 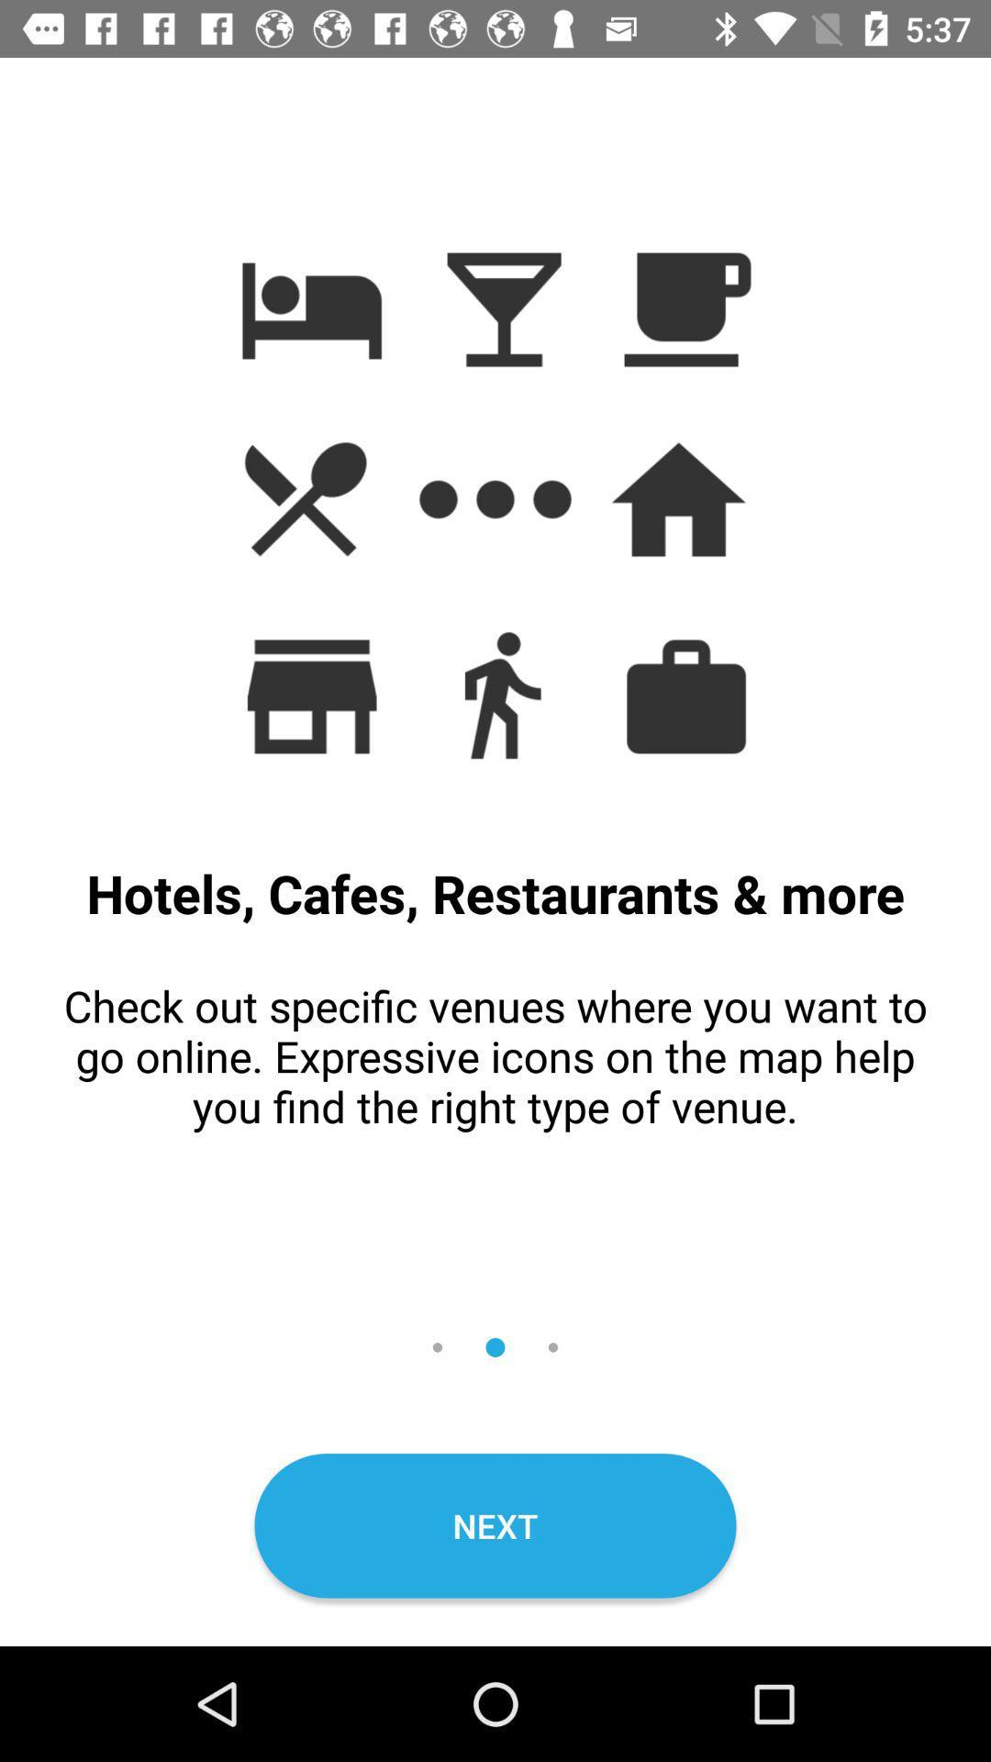 What do you see at coordinates (495, 1525) in the screenshot?
I see `the icon below check out specific icon` at bounding box center [495, 1525].